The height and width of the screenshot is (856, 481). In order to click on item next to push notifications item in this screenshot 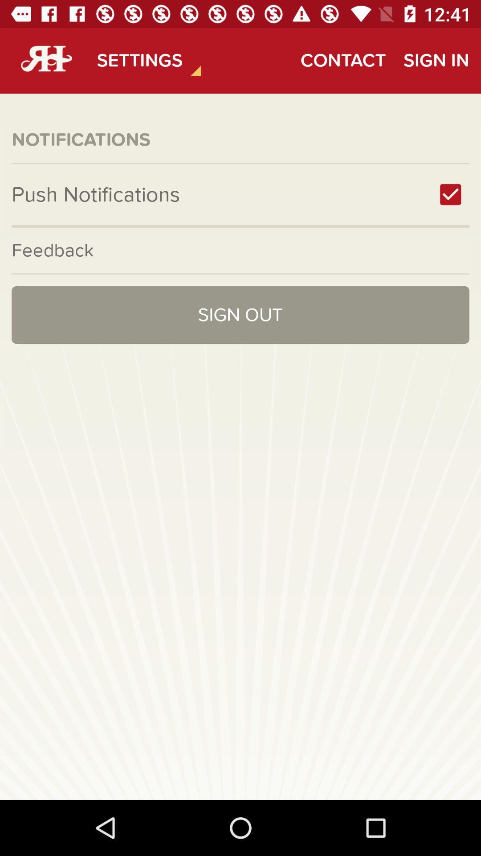, I will do `click(450, 194)`.